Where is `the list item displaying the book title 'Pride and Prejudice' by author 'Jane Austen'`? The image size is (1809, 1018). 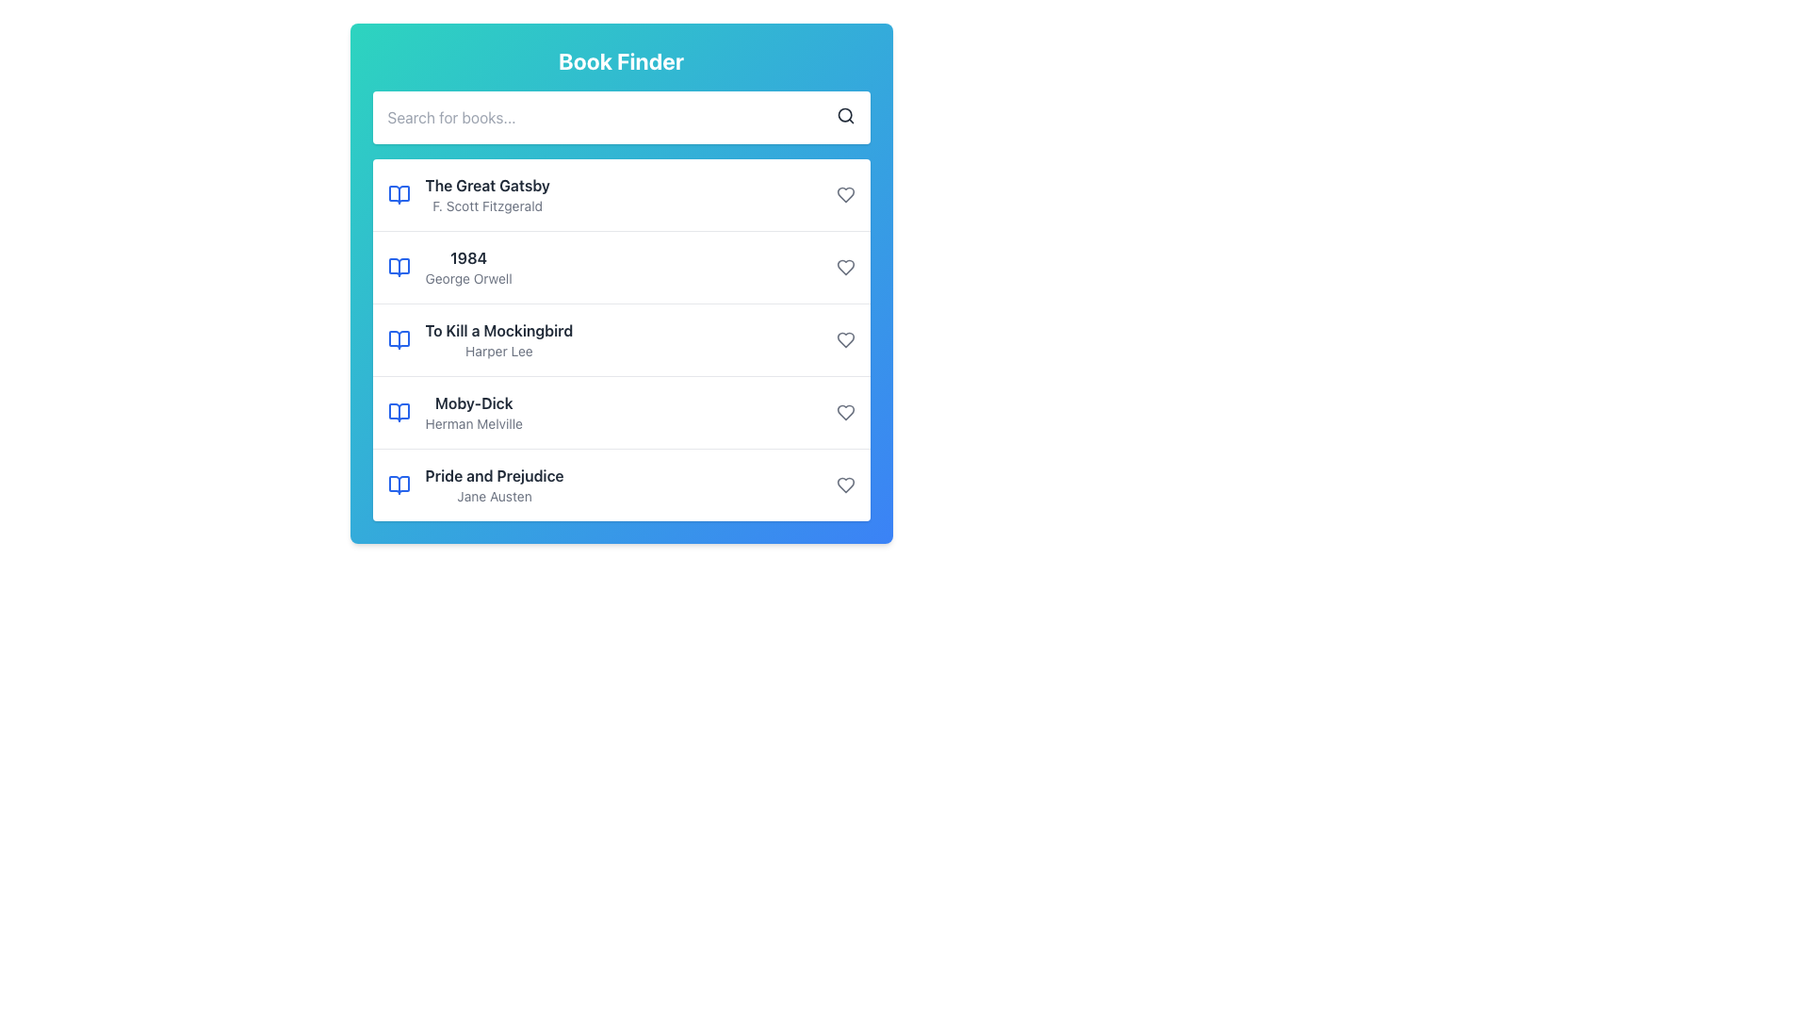
the list item displaying the book title 'Pride and Prejudice' by author 'Jane Austen' is located at coordinates (621, 484).